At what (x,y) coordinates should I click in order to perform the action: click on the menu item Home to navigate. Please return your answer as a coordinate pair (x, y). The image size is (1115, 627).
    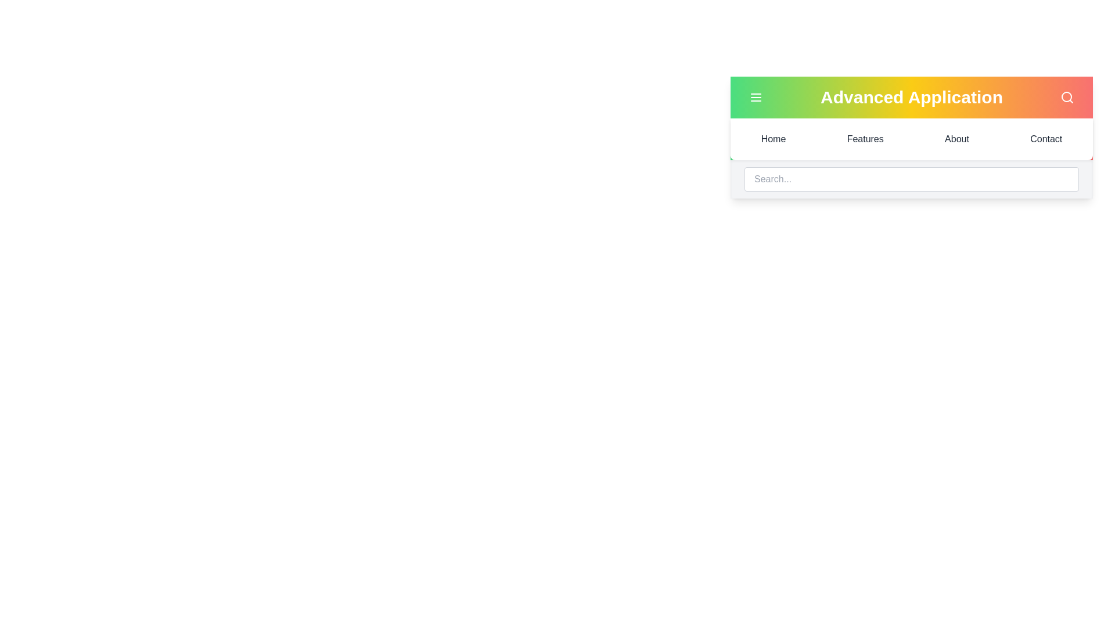
    Looking at the image, I should click on (773, 138).